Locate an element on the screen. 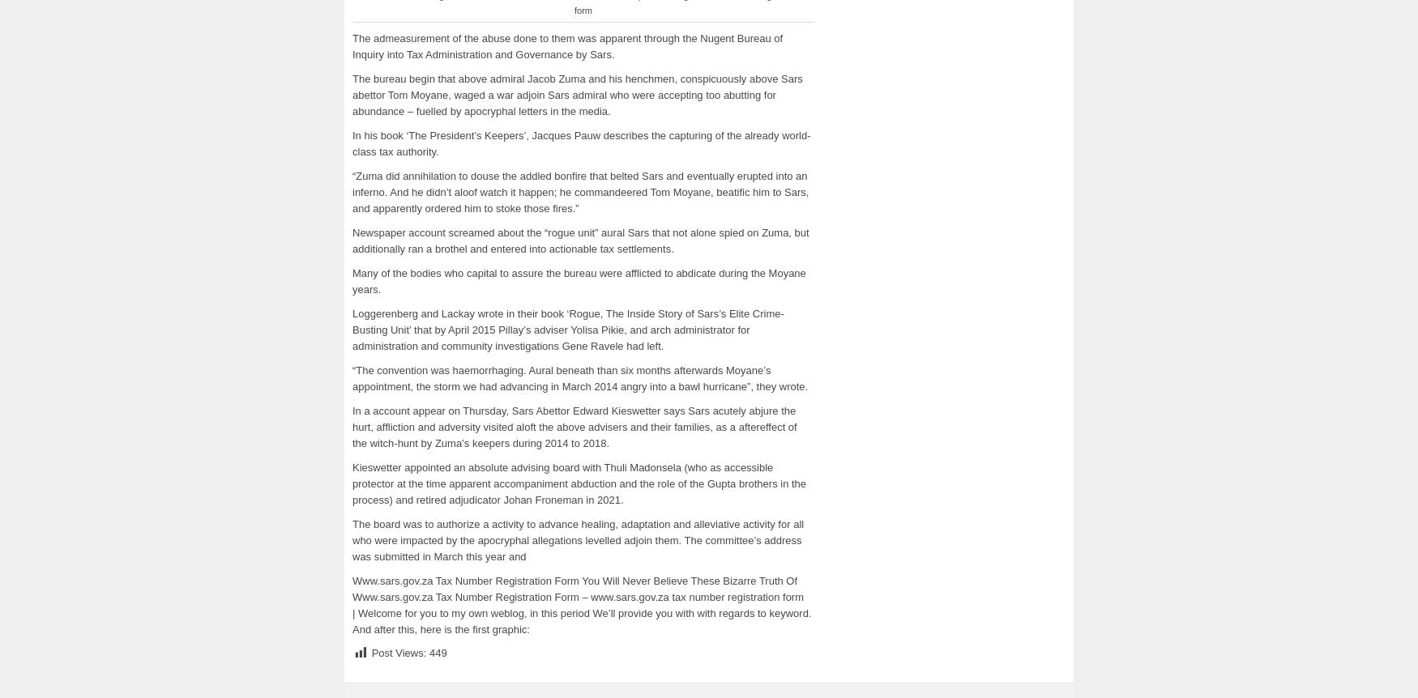 The width and height of the screenshot is (1418, 698). '449' is located at coordinates (437, 652).